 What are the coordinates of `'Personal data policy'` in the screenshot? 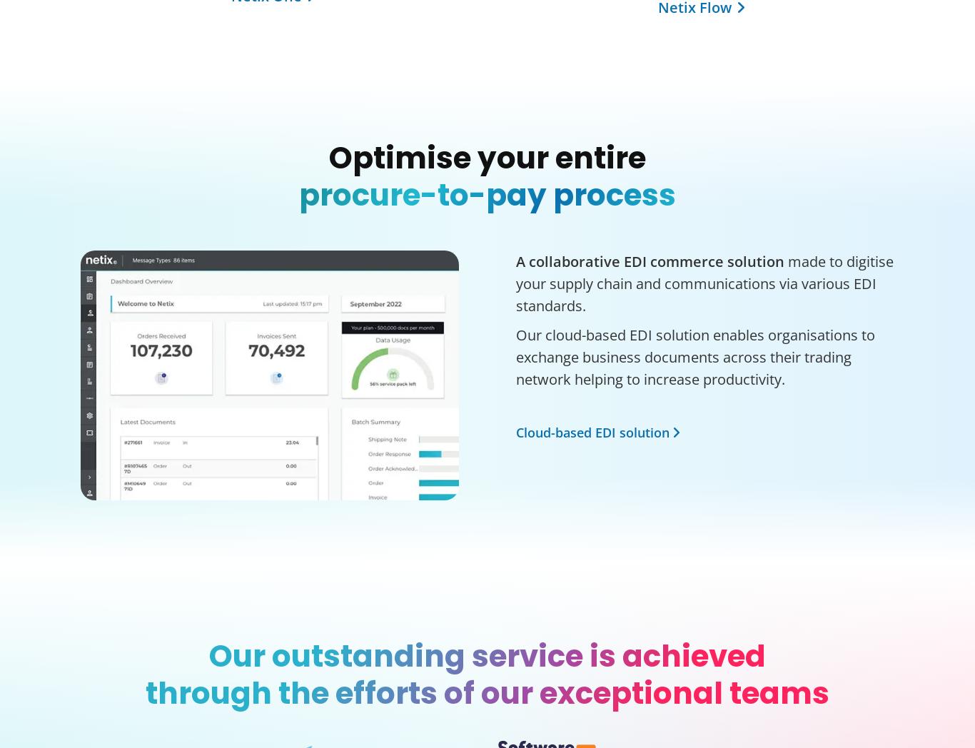 It's located at (309, 492).